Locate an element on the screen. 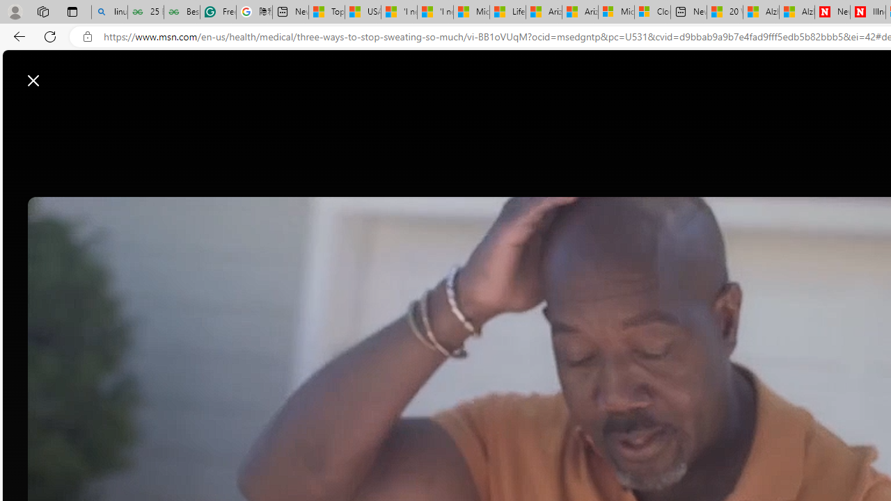 The height and width of the screenshot is (501, 891). 'Skip to content' is located at coordinates (60, 73).